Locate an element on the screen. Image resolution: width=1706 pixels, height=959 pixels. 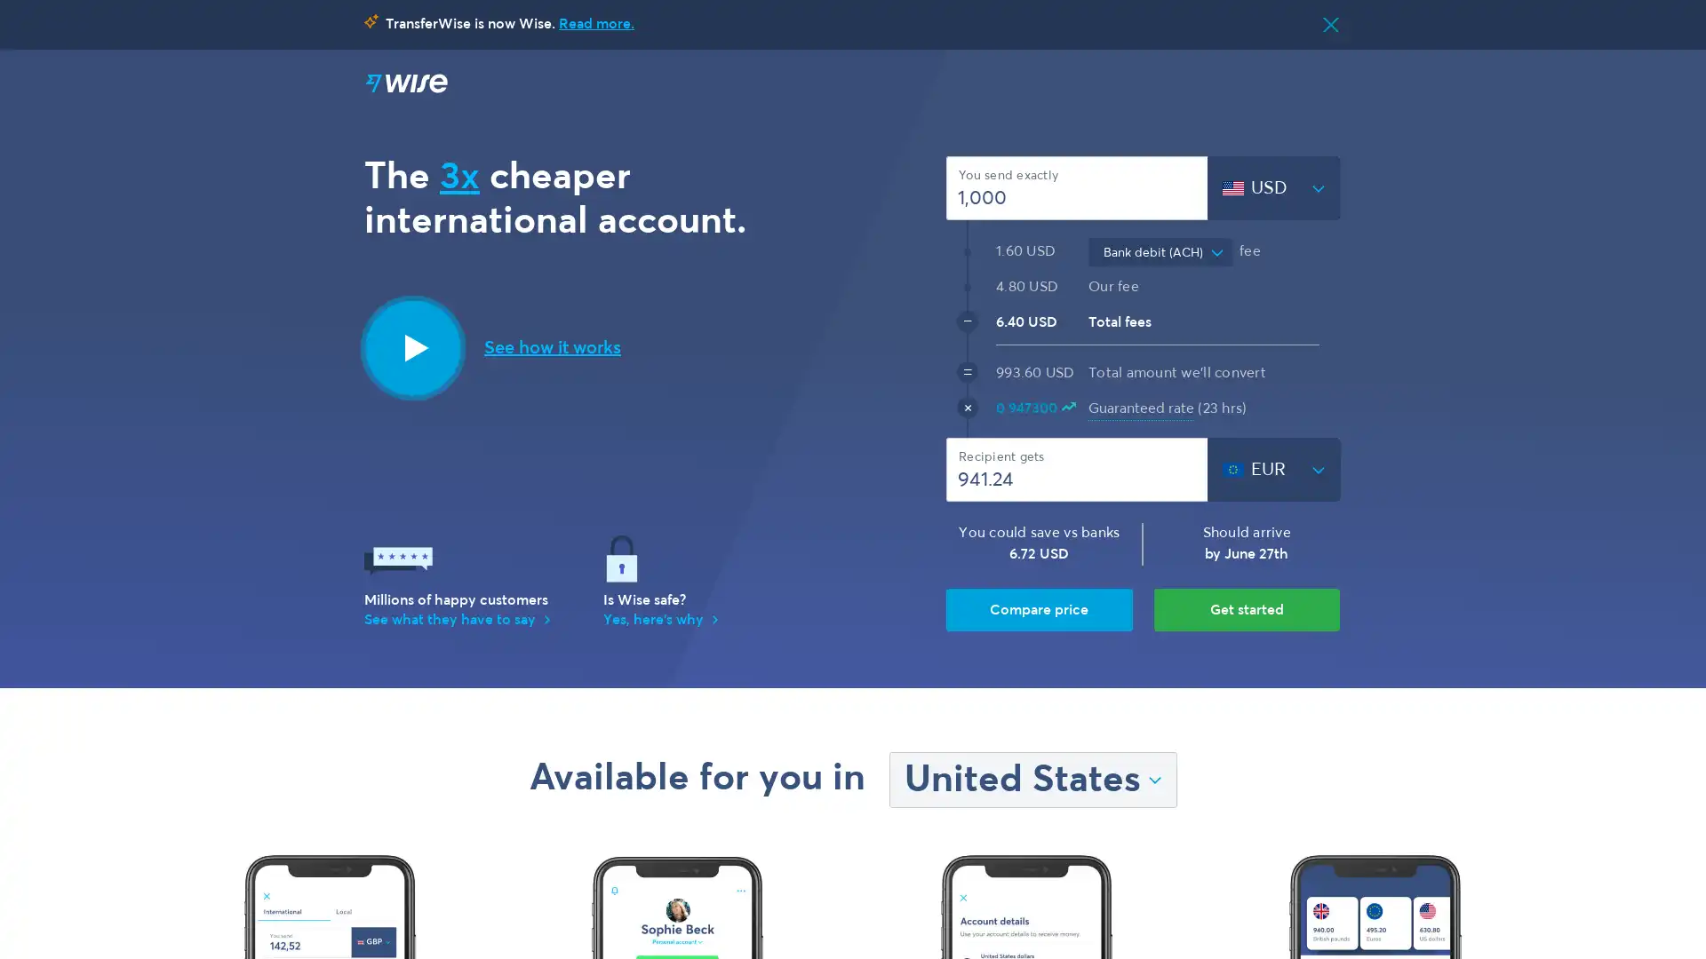
Close banner is located at coordinates (1330, 24).